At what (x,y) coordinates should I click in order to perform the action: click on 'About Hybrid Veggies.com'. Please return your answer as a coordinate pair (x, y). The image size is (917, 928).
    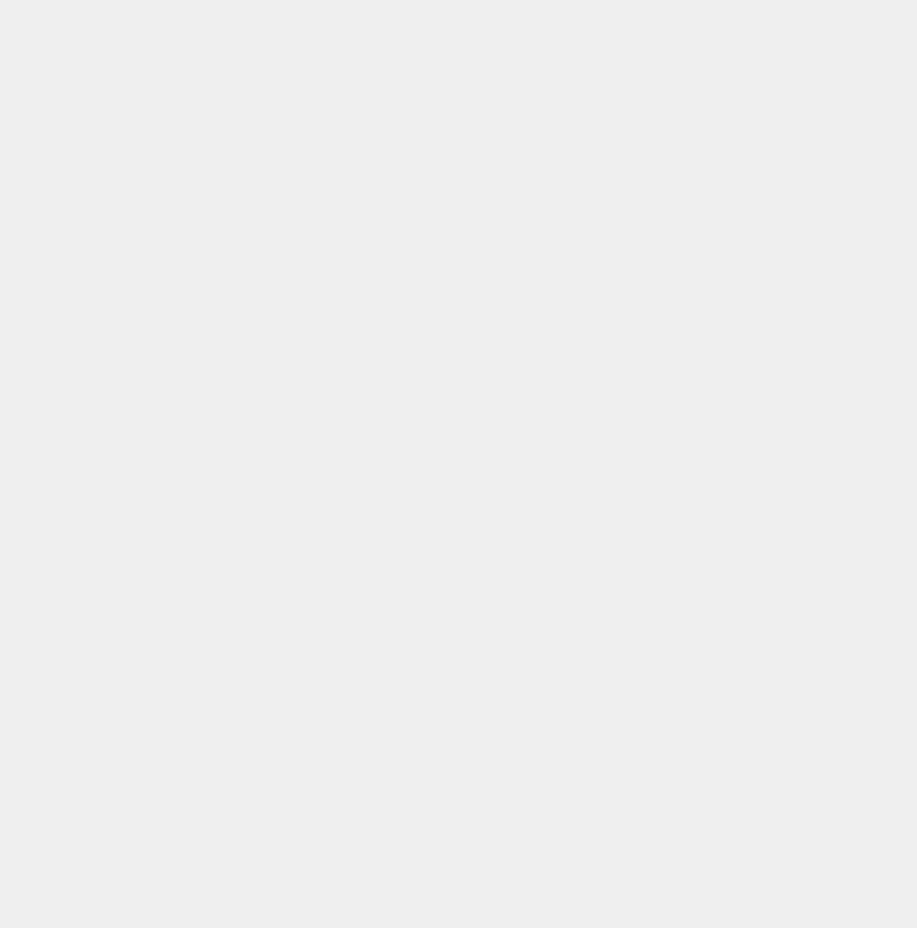
    Looking at the image, I should click on (139, 531).